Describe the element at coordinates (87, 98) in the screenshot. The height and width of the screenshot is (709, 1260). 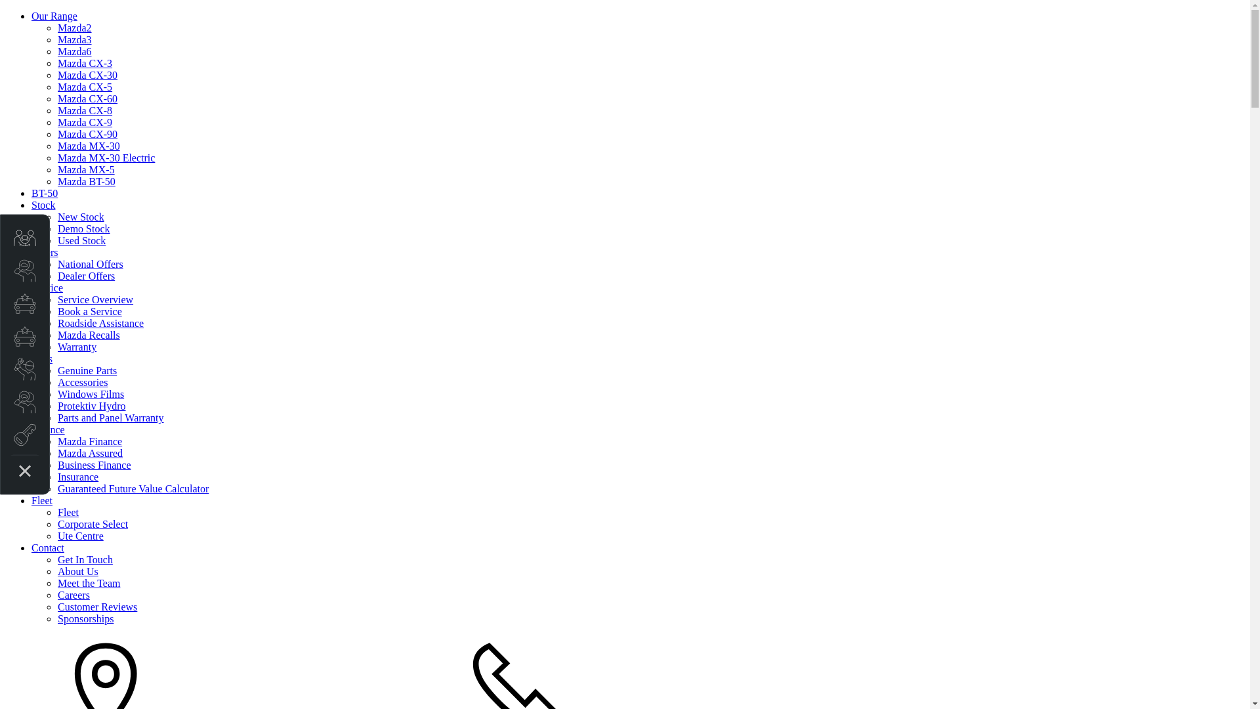
I see `'Mazda CX-60'` at that location.